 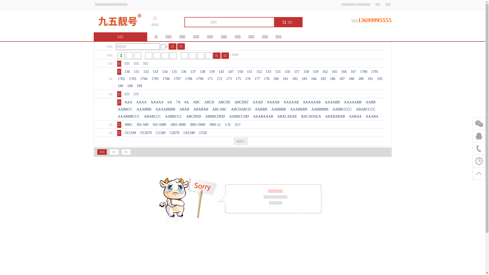 I want to click on '145', so click(x=221, y=72).